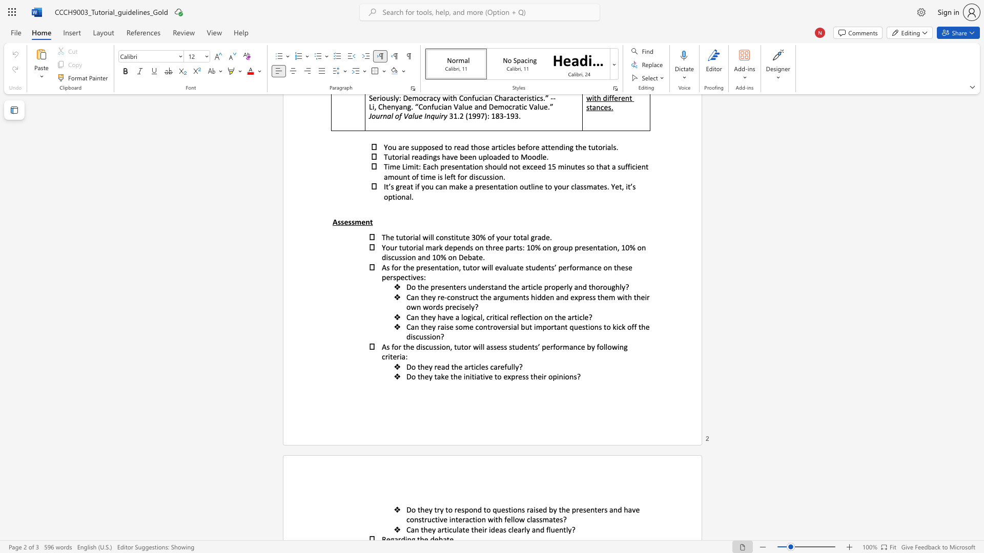  Describe the element at coordinates (417, 366) in the screenshot. I see `the subset text "th" within the text "Do they read the articles carefully?"` at that location.